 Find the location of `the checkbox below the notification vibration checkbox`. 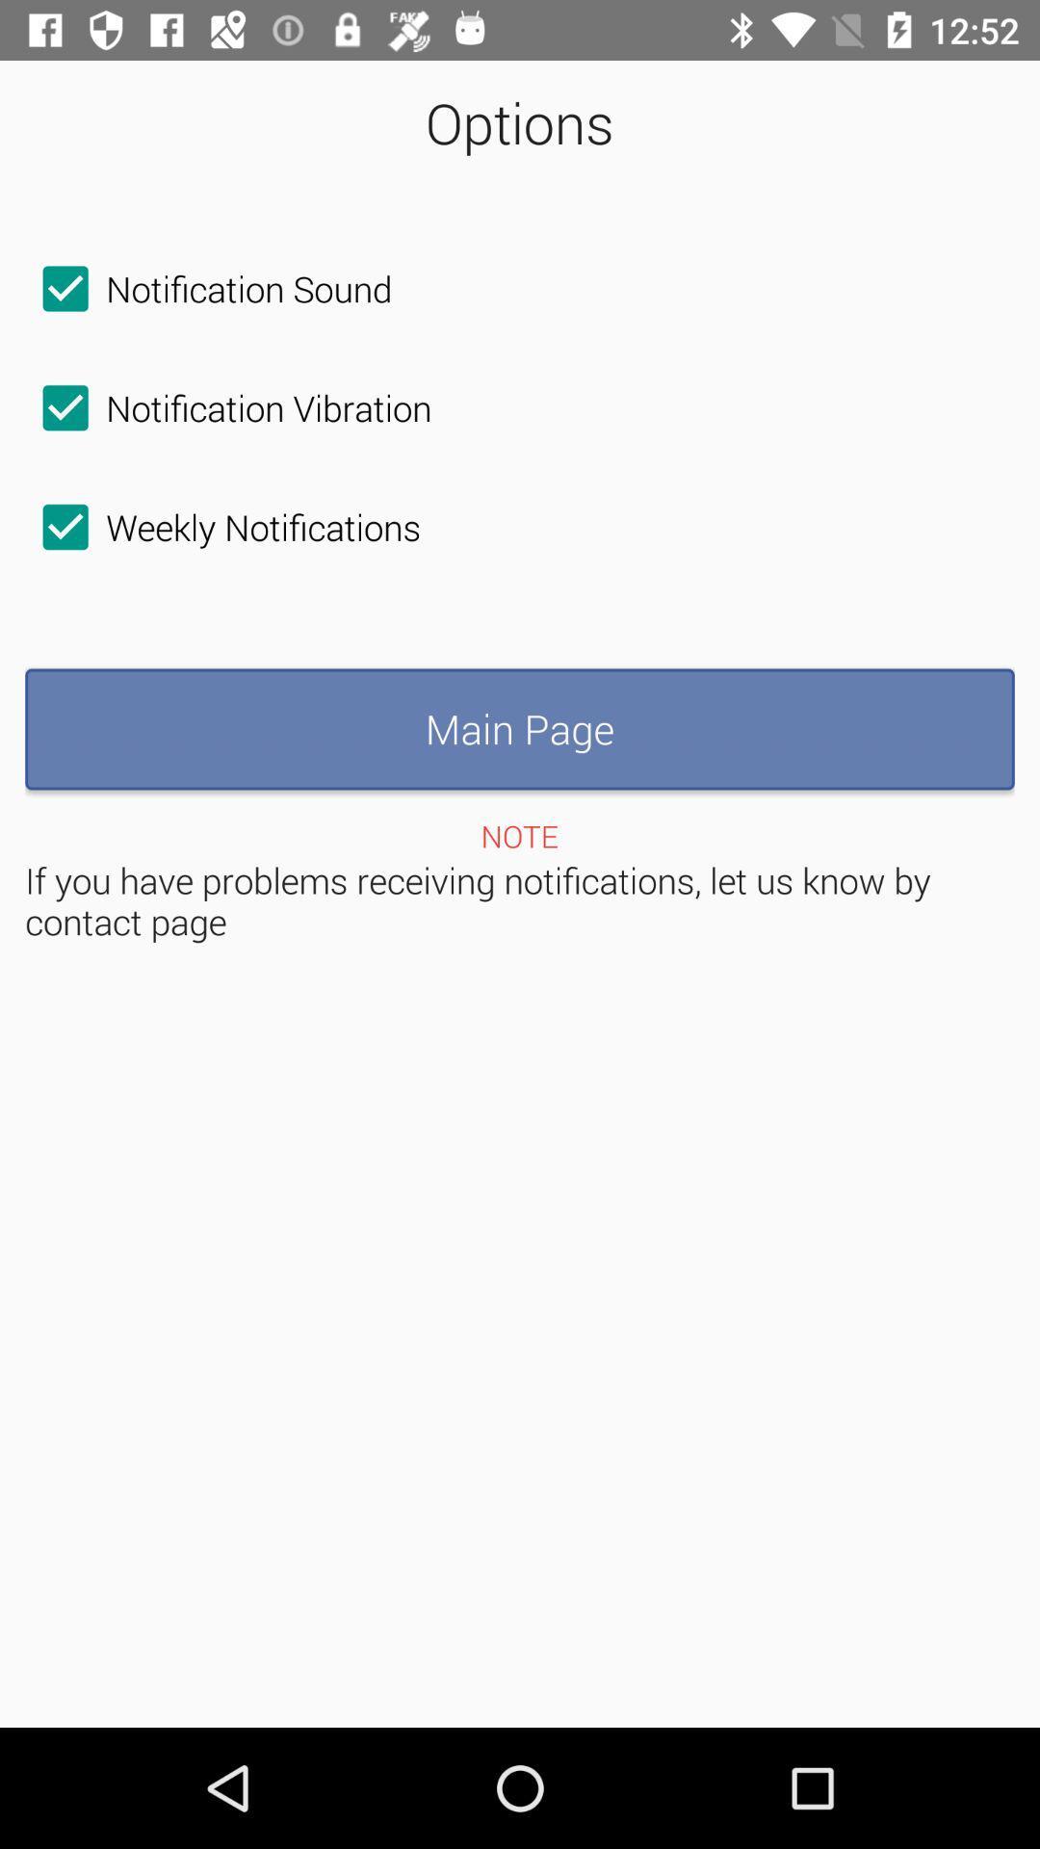

the checkbox below the notification vibration checkbox is located at coordinates (221, 527).